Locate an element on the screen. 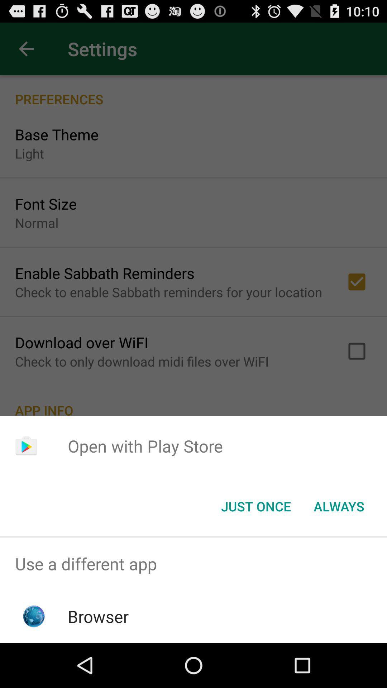 This screenshot has height=688, width=387. button next to the always icon is located at coordinates (255, 506).